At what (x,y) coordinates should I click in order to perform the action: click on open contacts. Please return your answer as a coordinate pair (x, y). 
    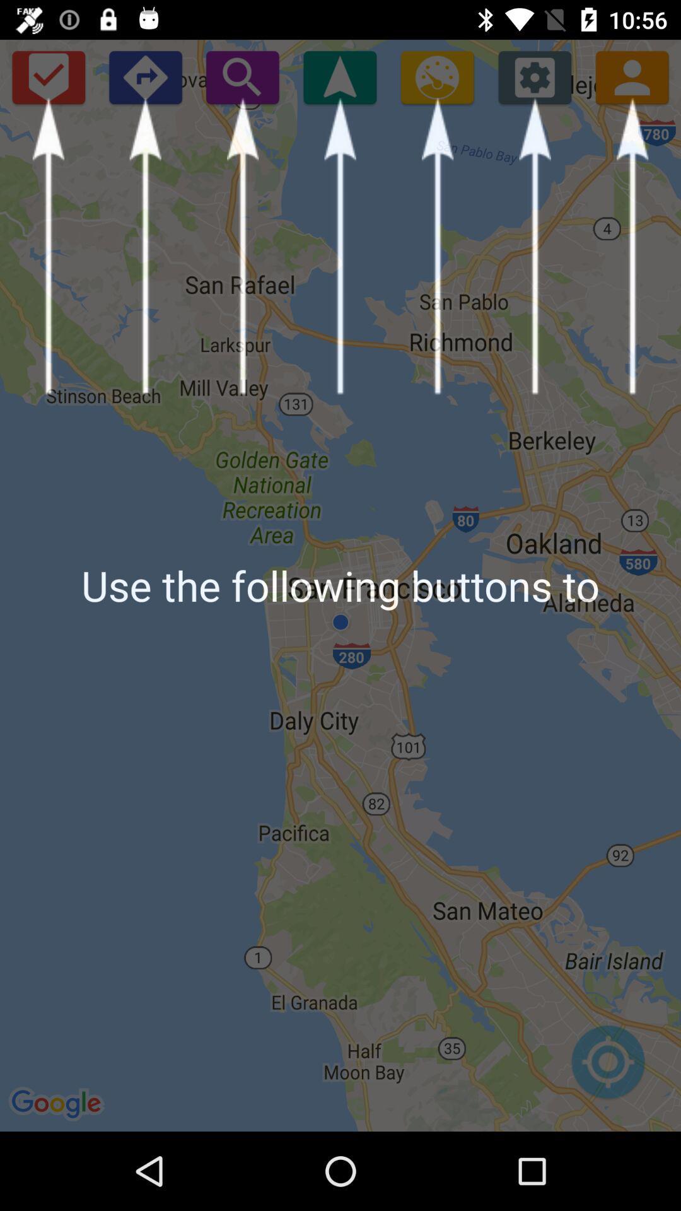
    Looking at the image, I should click on (632, 76).